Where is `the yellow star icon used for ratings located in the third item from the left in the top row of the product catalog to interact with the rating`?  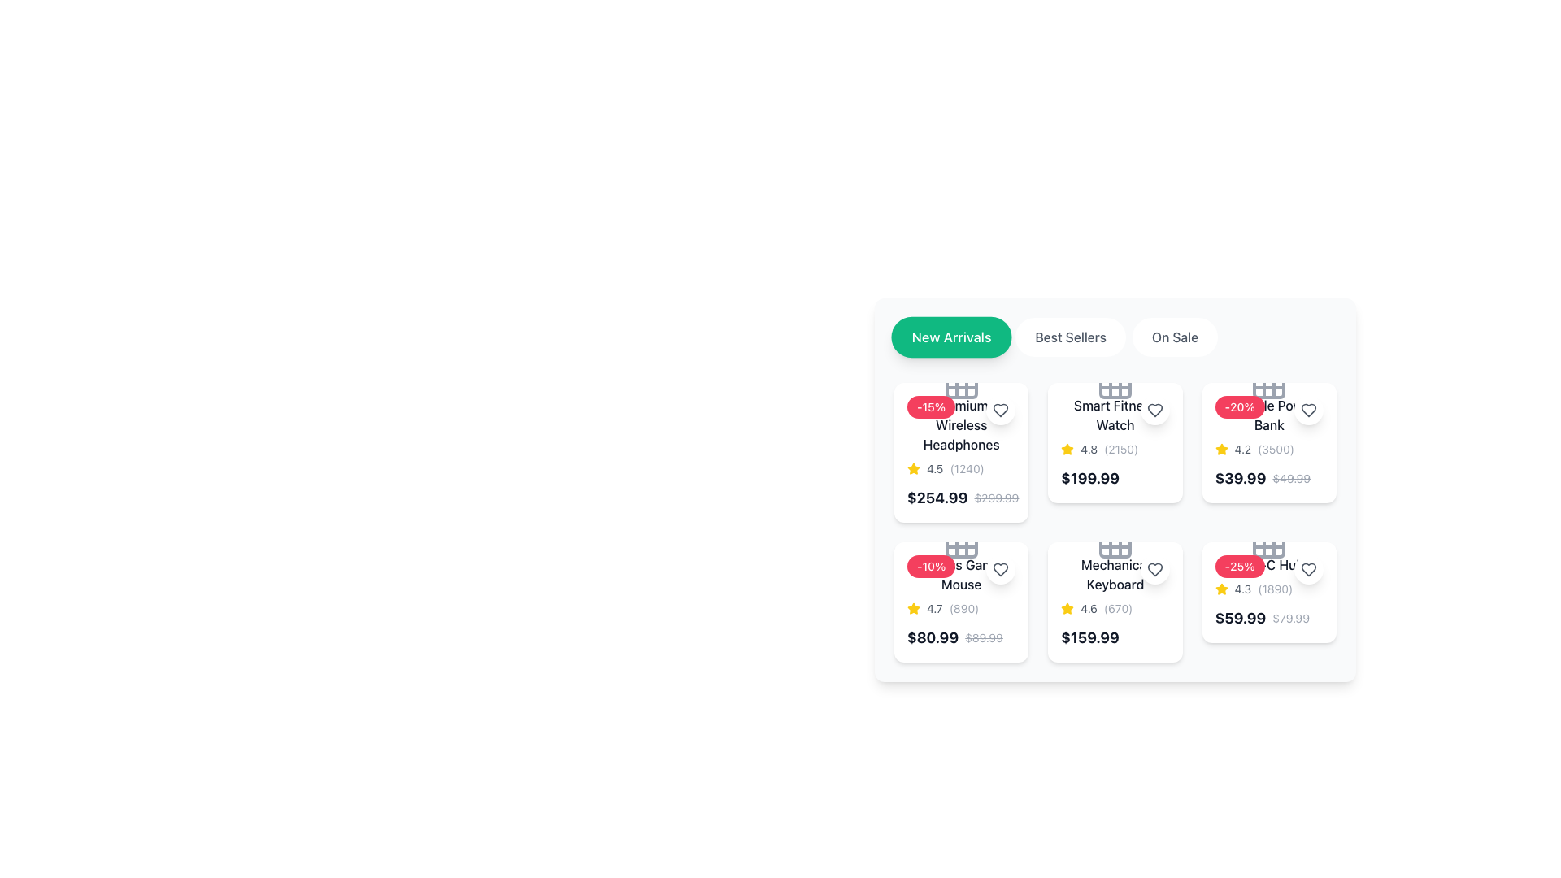 the yellow star icon used for ratings located in the third item from the left in the top row of the product catalog to interact with the rating is located at coordinates (1067, 449).